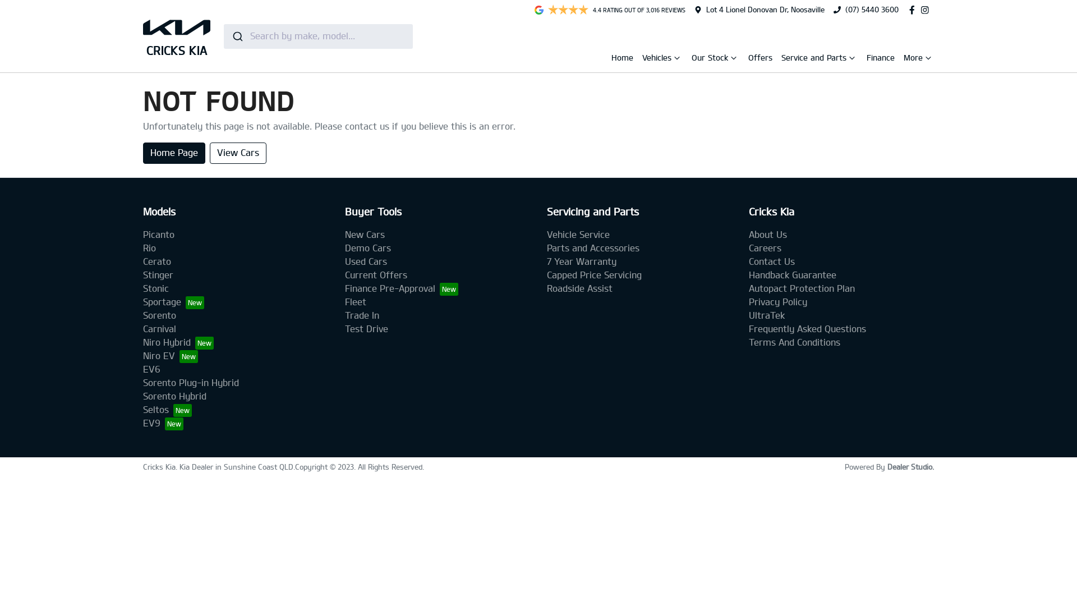 Image resolution: width=1077 pixels, height=606 pixels. I want to click on 'Handback Guarantee', so click(791, 275).